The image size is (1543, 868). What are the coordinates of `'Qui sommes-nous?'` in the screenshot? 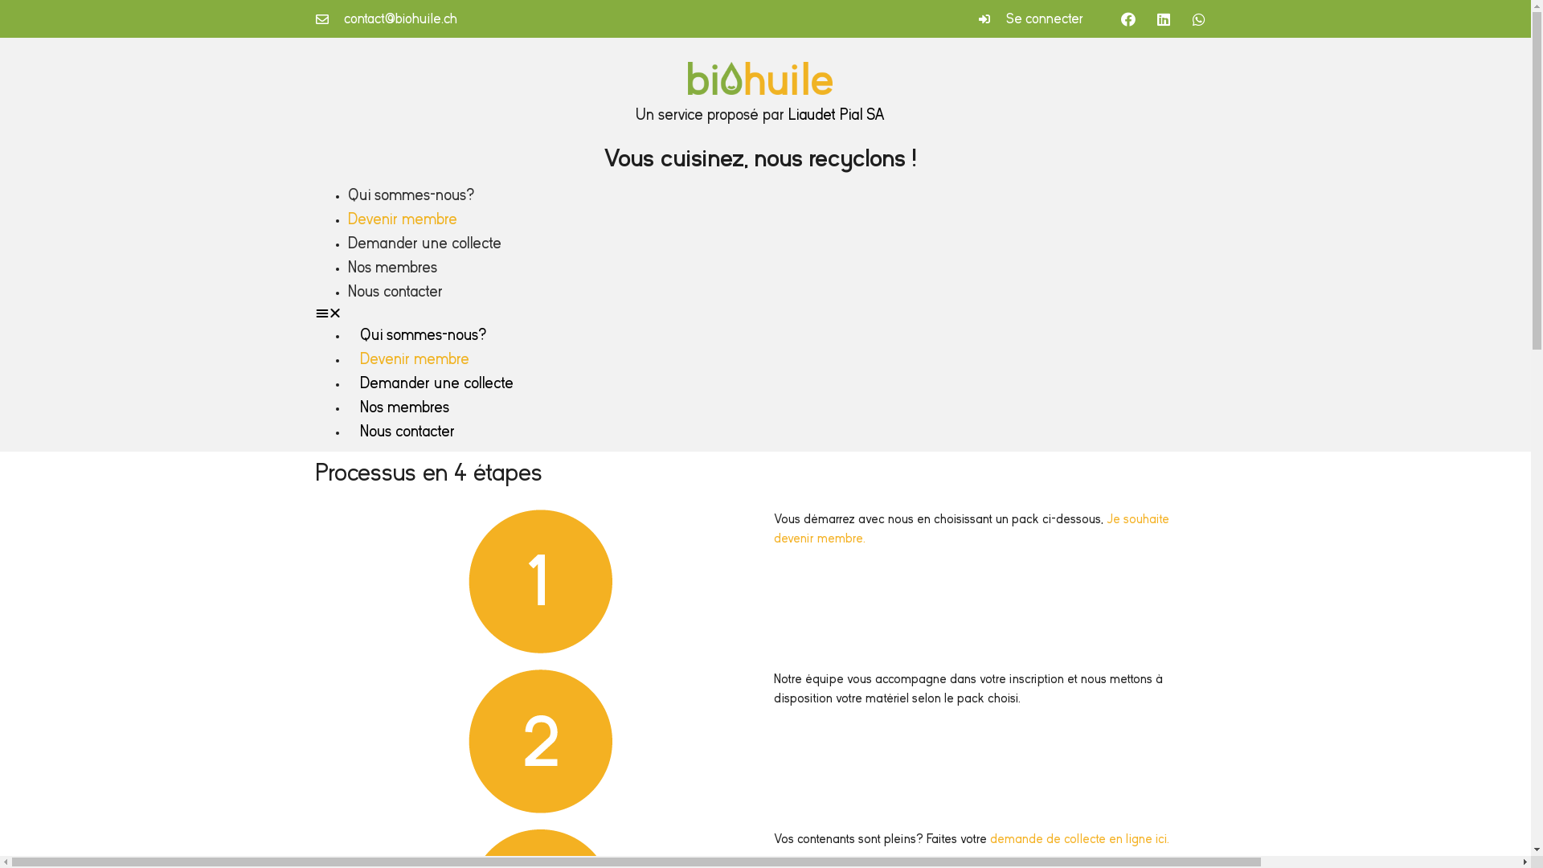 It's located at (410, 194).